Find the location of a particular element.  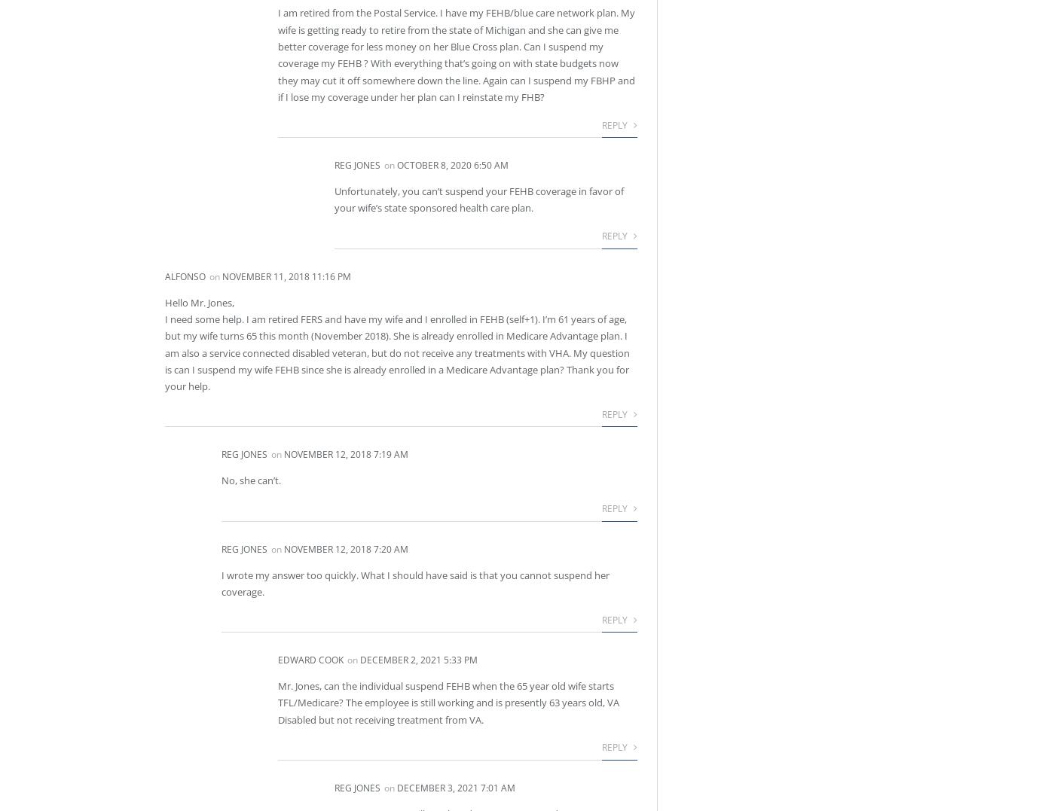

'Alfonso' is located at coordinates (164, 275).